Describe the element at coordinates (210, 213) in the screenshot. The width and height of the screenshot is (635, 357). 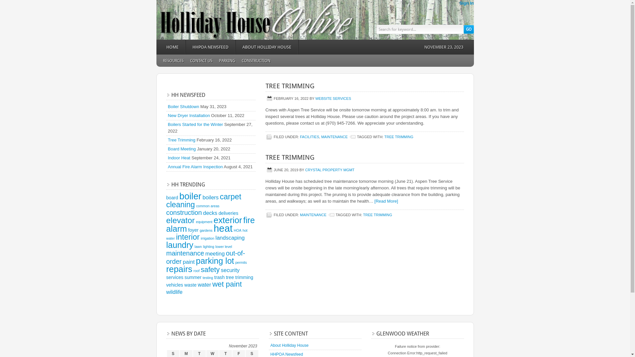
I see `'decks'` at that location.